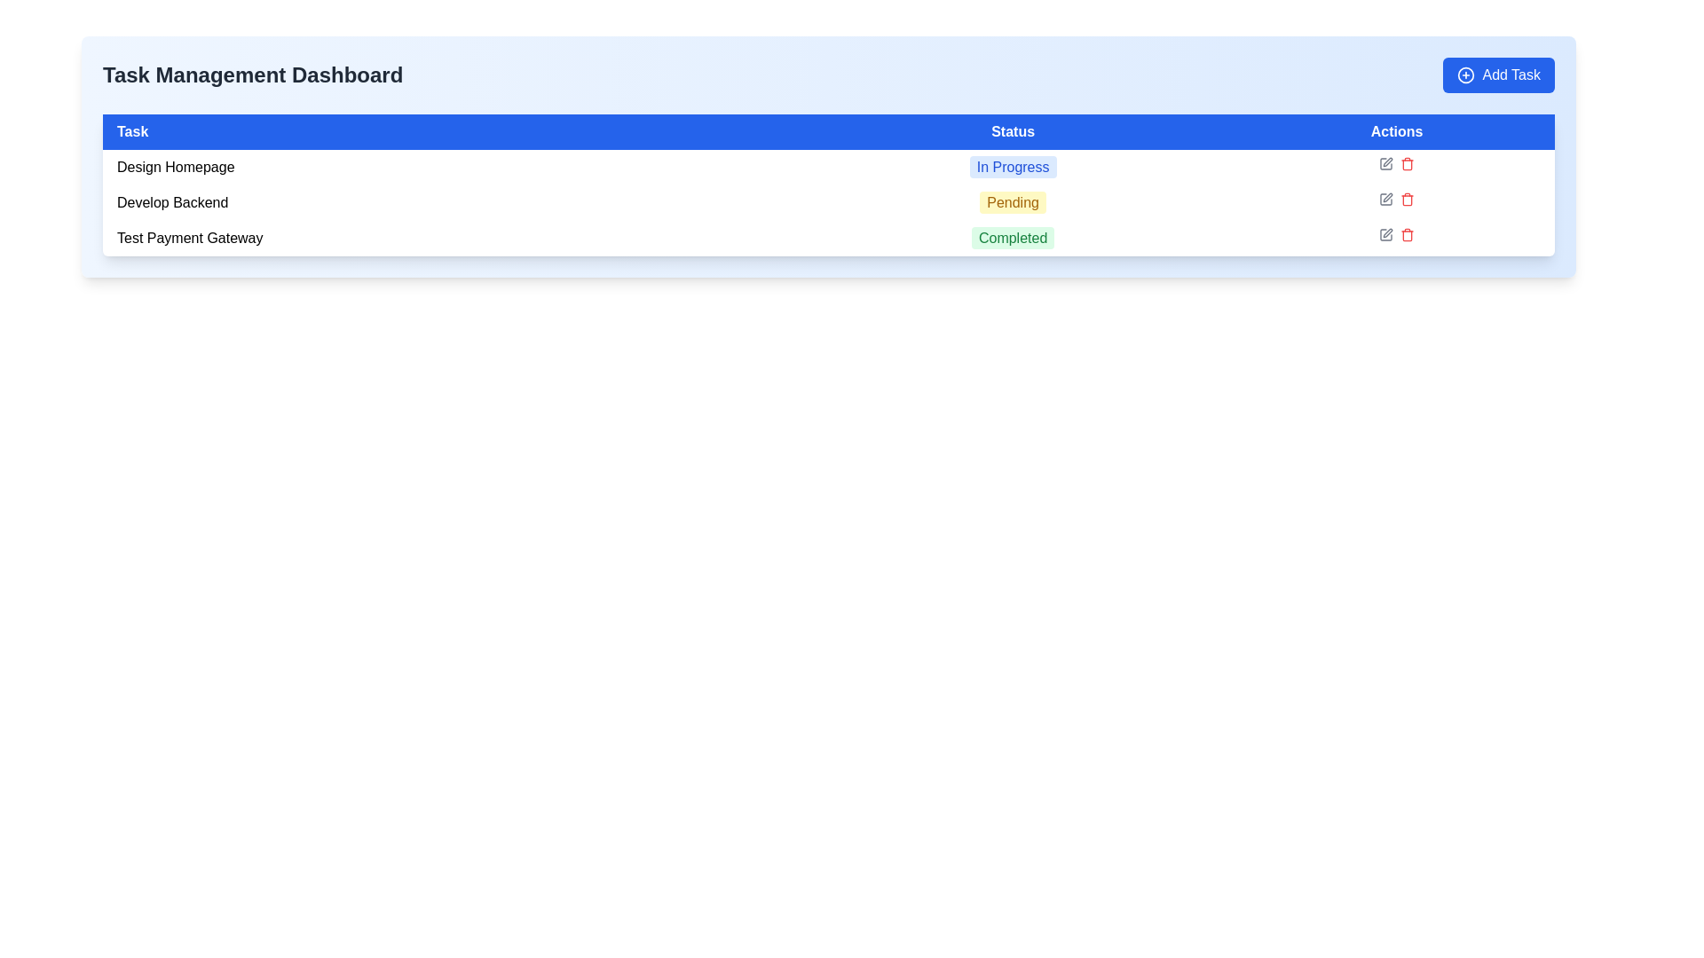 This screenshot has width=1704, height=958. Describe the element at coordinates (445, 168) in the screenshot. I see `the first cell in the 'Task' column of the task management table, which displays the title of a task` at that location.